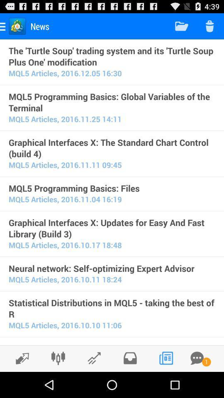 This screenshot has height=398, width=224. Describe the element at coordinates (58, 358) in the screenshot. I see `click options` at that location.